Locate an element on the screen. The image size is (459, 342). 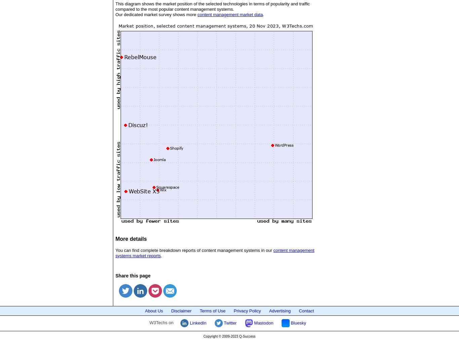
'Twitter' is located at coordinates (229, 322).